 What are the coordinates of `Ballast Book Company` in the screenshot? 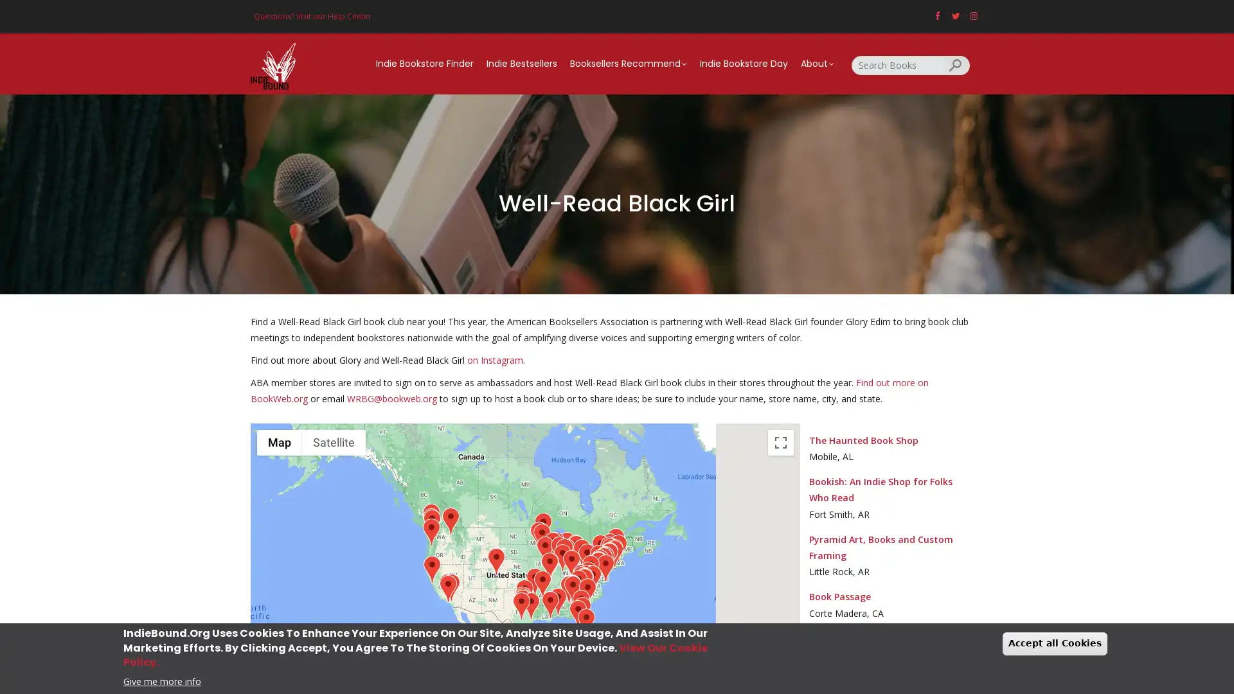 It's located at (431, 521).